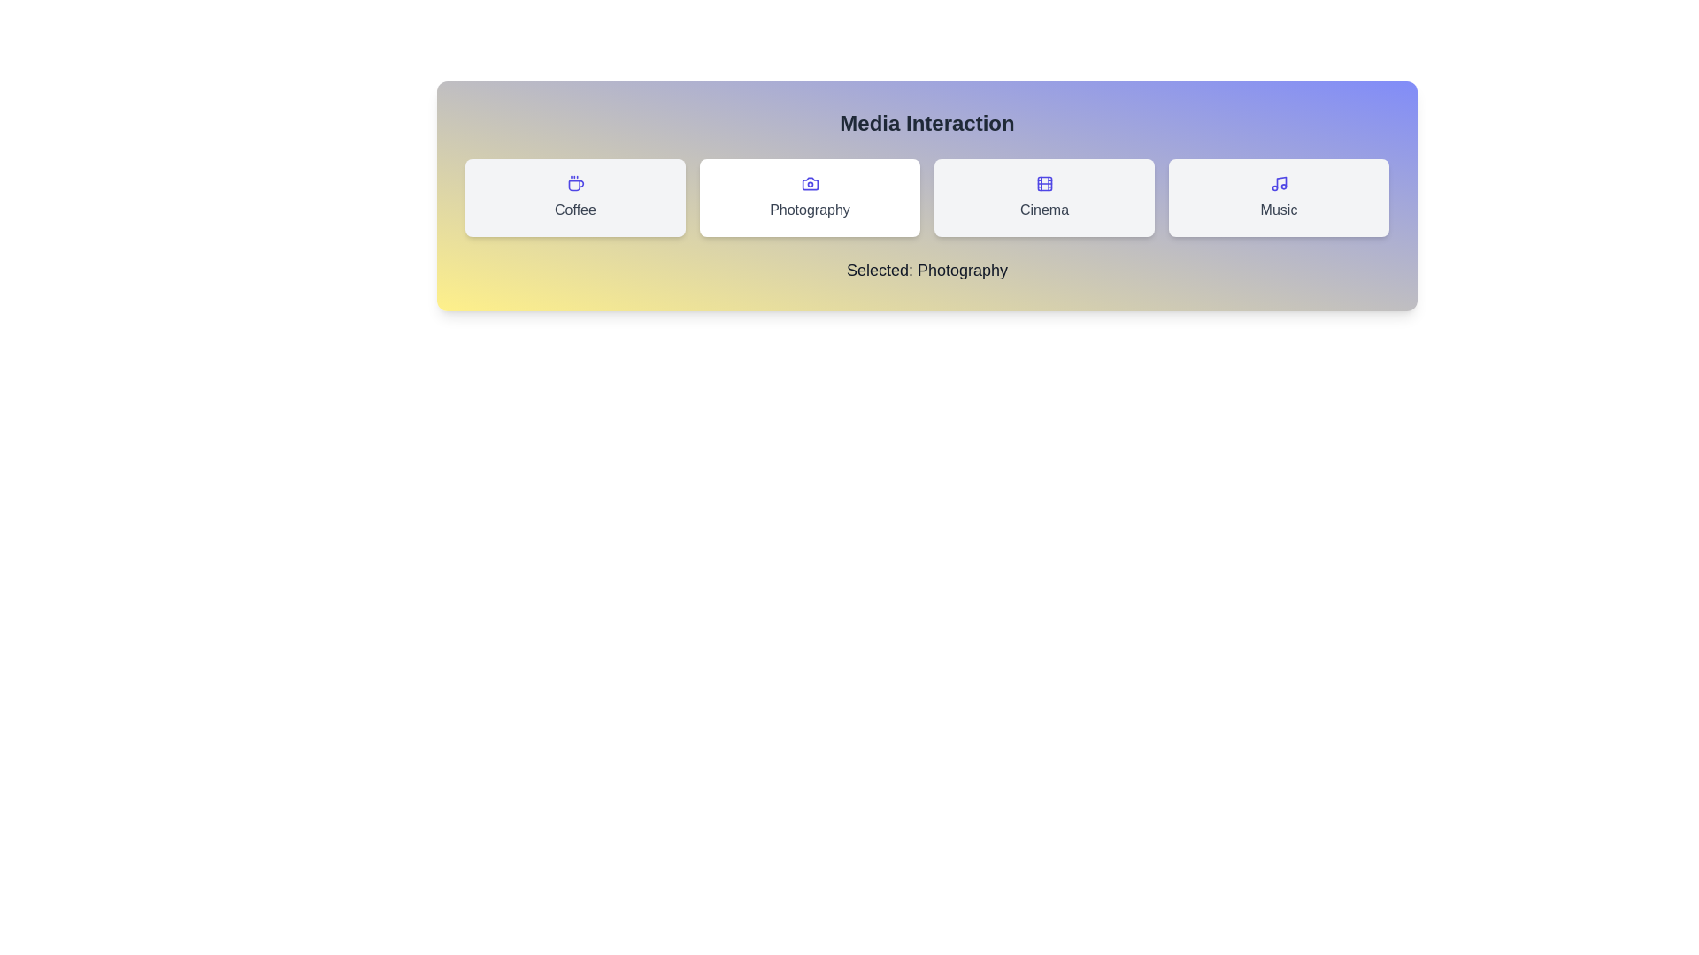 The height and width of the screenshot is (955, 1699). I want to click on the 'Cinema' selectable card, which is the third card in a row of four cards, so click(1044, 197).